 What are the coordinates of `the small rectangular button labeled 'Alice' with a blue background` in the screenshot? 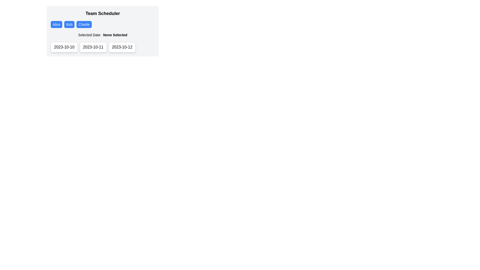 It's located at (56, 24).